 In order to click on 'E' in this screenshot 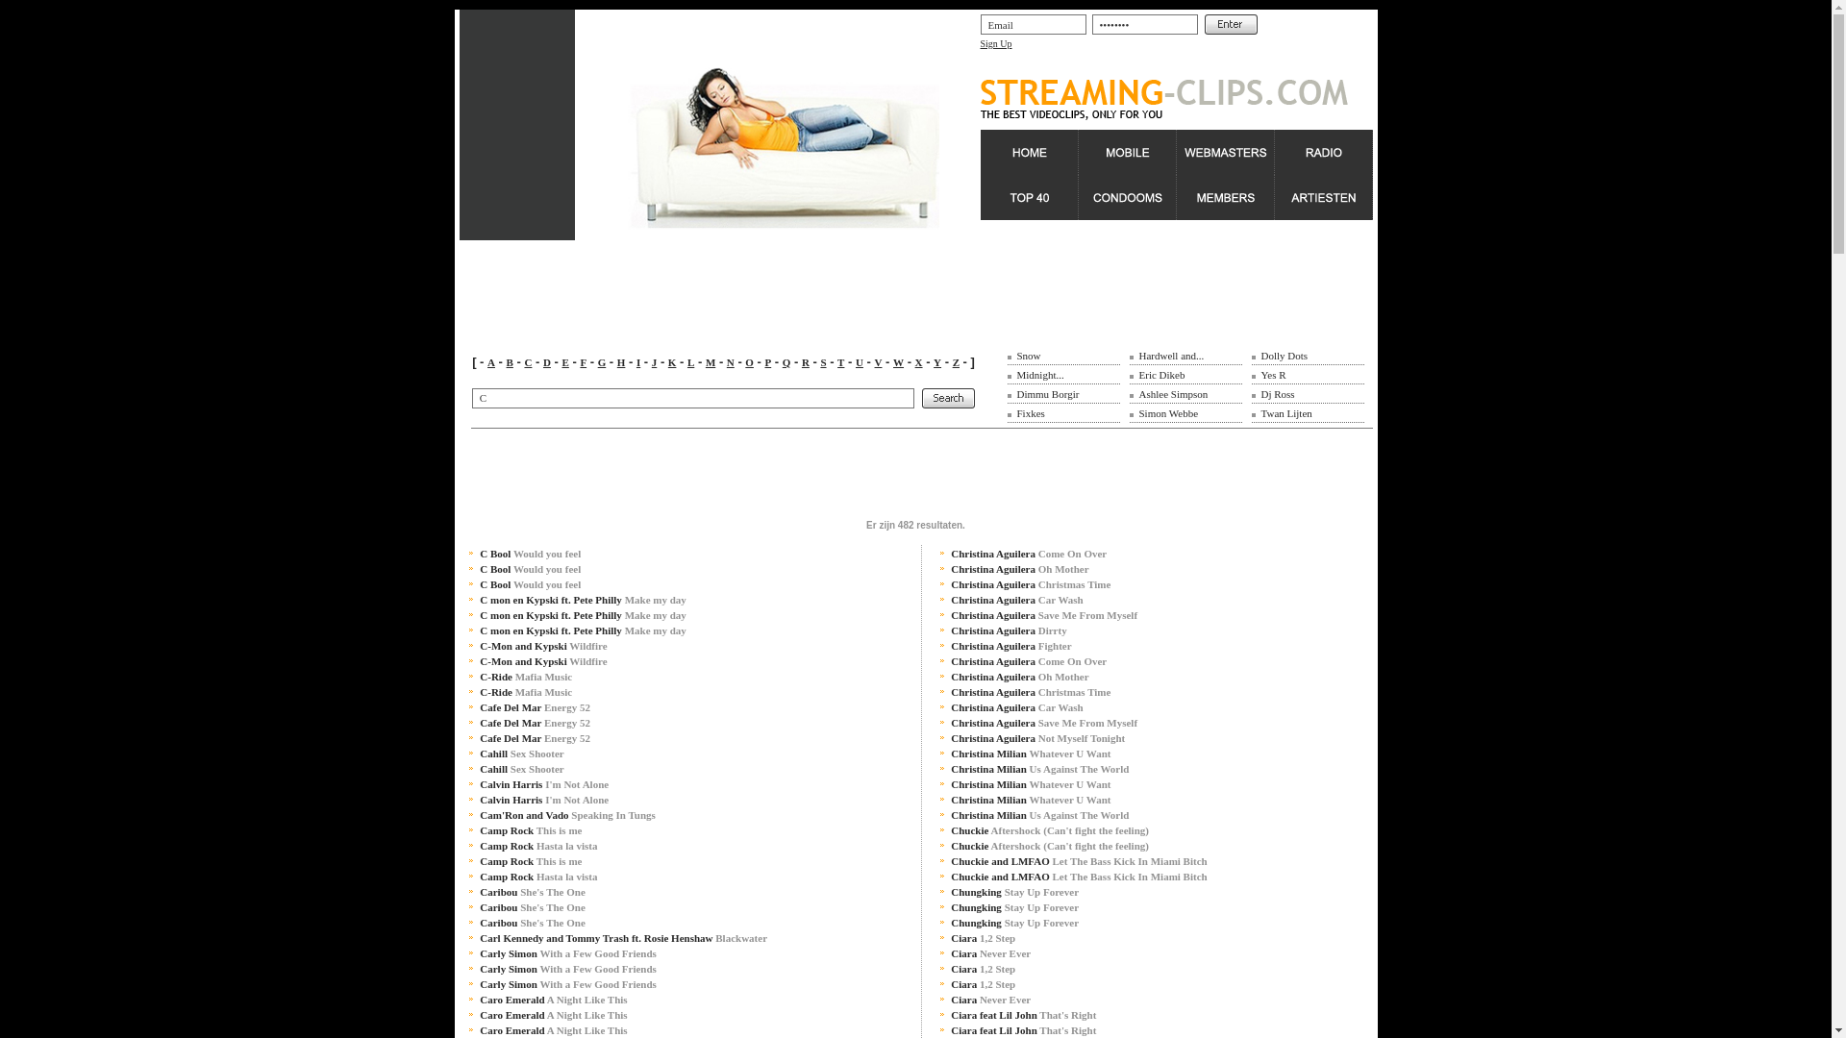, I will do `click(563, 362)`.